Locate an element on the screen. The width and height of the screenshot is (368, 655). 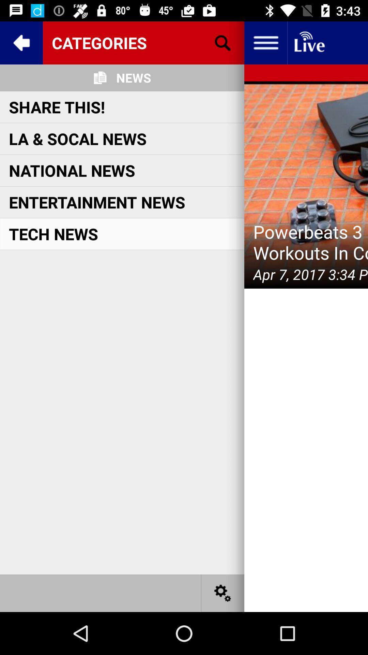
go back is located at coordinates (21, 42).